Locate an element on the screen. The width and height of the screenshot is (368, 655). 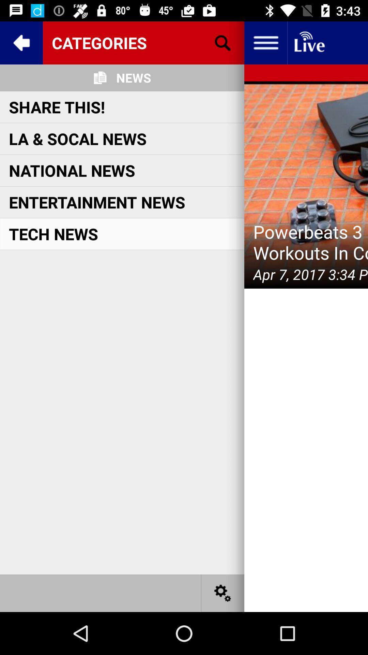
go back is located at coordinates (21, 42).